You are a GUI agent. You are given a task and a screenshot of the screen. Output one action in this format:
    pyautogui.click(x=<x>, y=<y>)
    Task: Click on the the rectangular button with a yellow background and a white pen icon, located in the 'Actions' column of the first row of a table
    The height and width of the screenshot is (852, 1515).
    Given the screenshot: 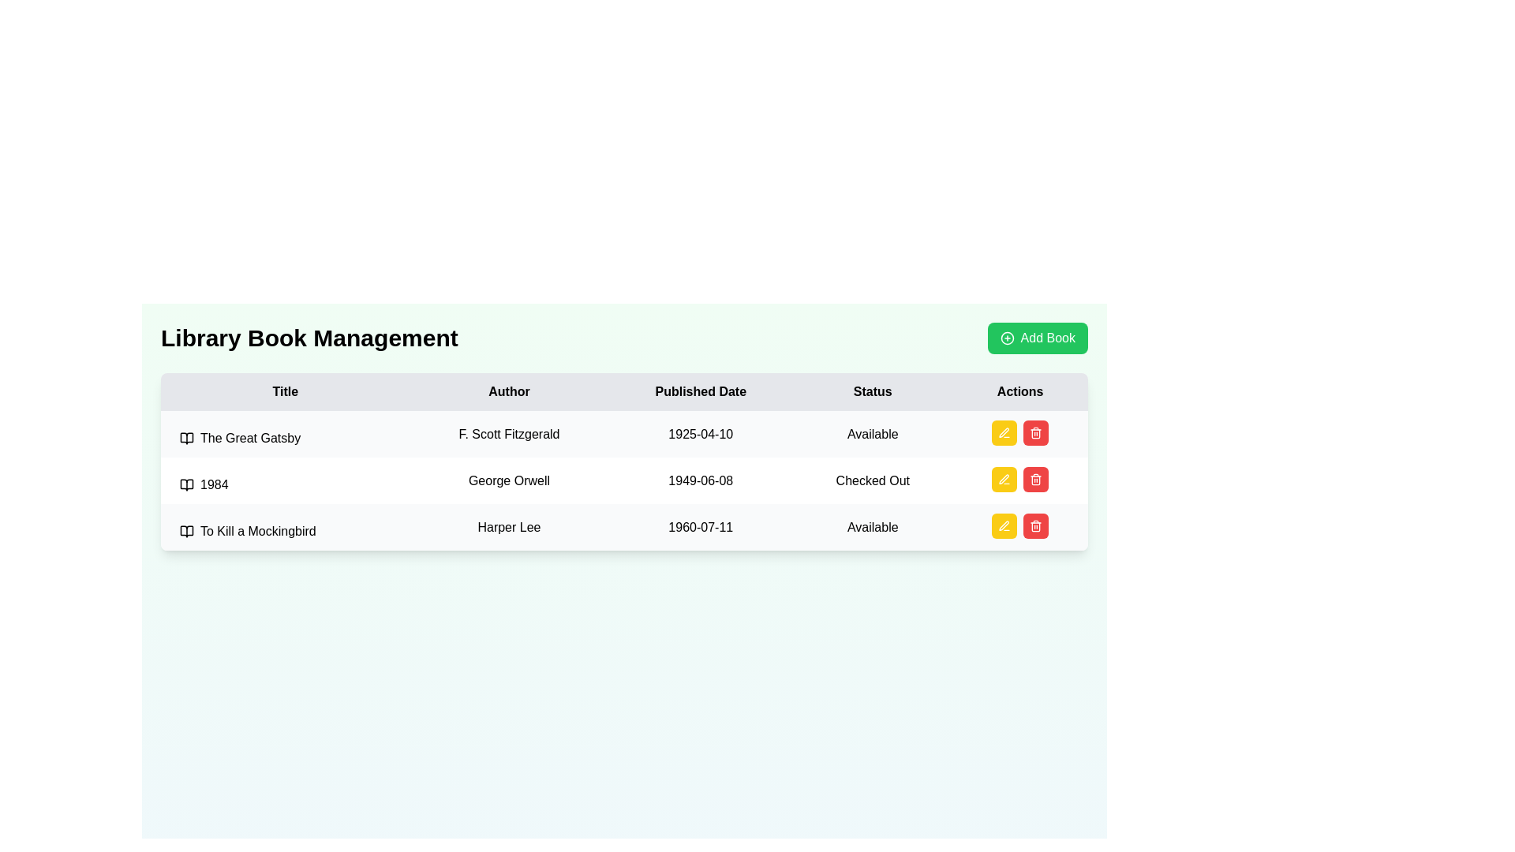 What is the action you would take?
    pyautogui.click(x=1004, y=432)
    